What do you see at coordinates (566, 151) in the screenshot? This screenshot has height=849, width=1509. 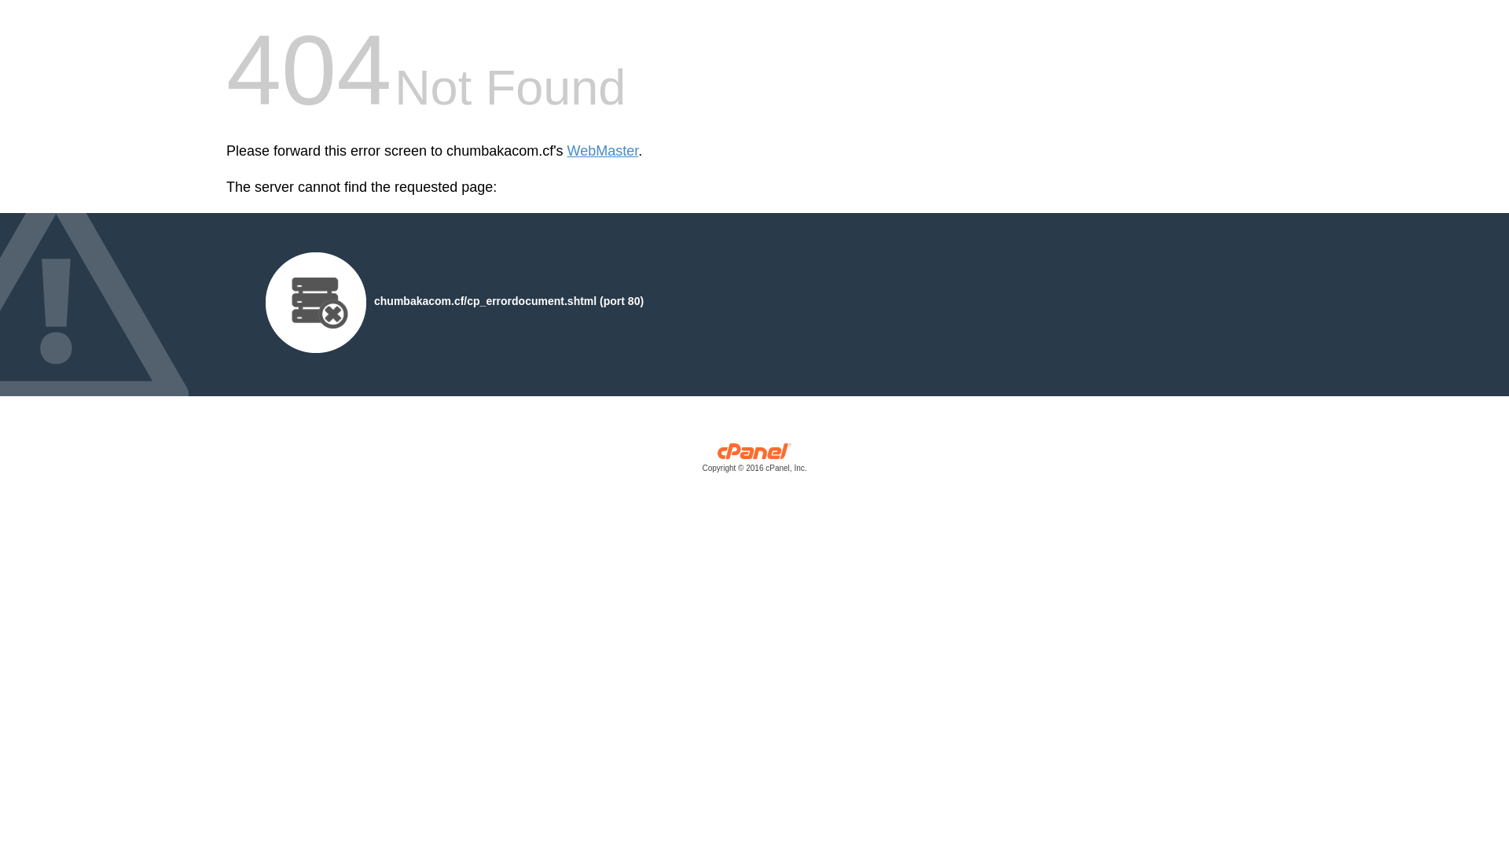 I see `'WebMaster'` at bounding box center [566, 151].